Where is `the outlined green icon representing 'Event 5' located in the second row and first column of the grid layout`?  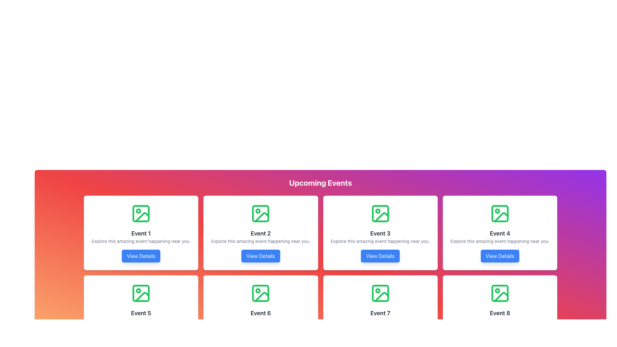 the outlined green icon representing 'Event 5' located in the second row and first column of the grid layout is located at coordinates (141, 293).